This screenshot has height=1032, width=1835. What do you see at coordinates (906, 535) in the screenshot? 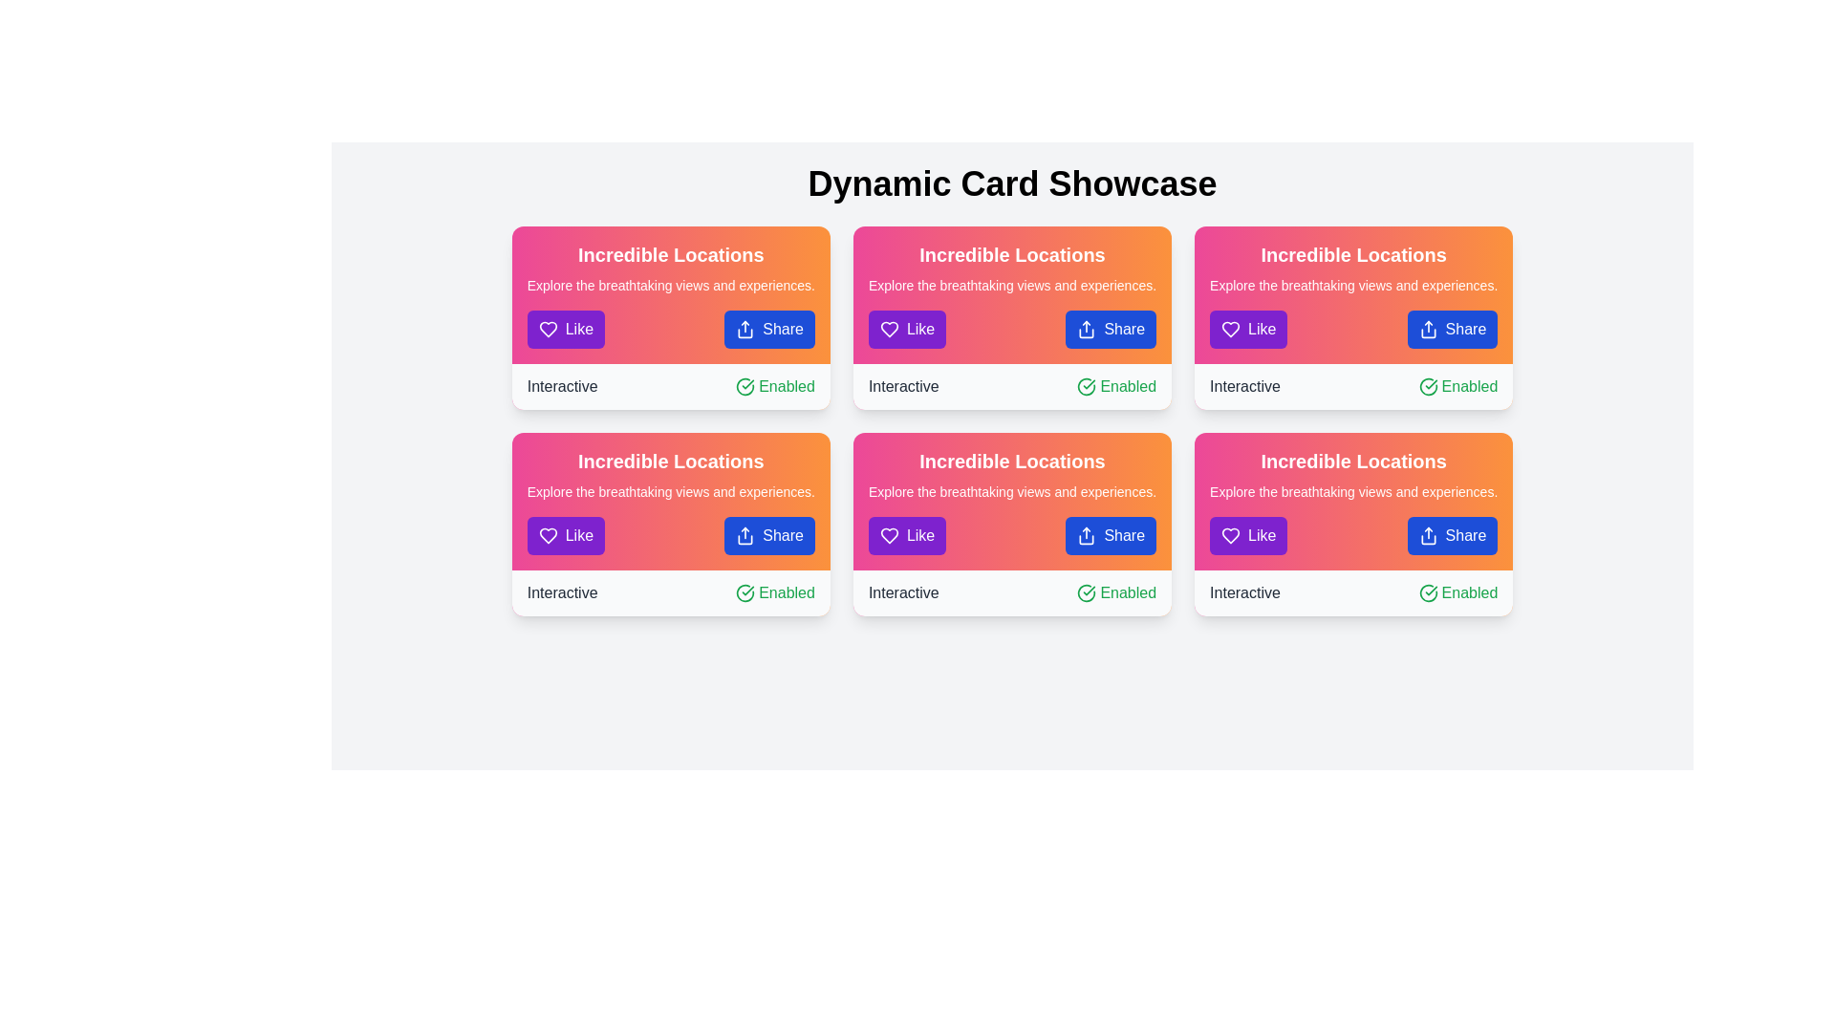
I see `the purple 'Like' button with white text and a heart icon, located in the first row, third card from the left in the 'Dynamic Card Showcase' section` at bounding box center [906, 535].